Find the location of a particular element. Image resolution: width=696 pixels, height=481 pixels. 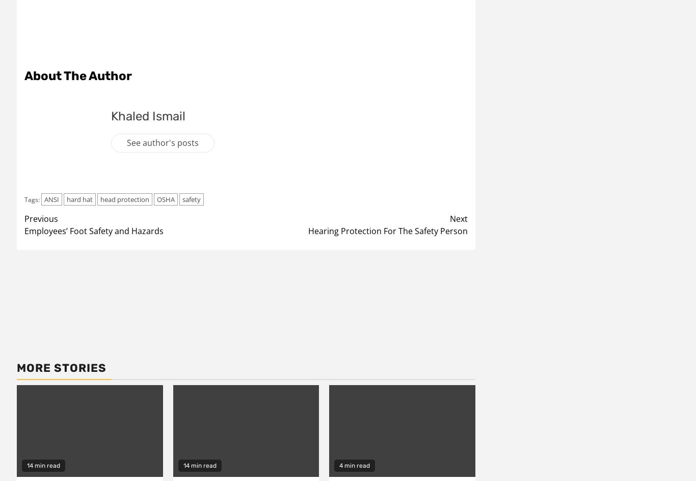

'4 min read' is located at coordinates (354, 464).